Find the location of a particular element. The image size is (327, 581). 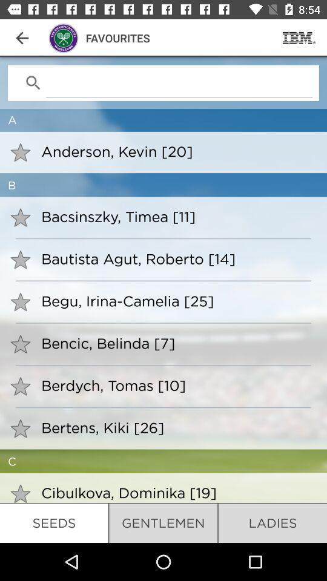

the icon above the seeds is located at coordinates (176, 493).